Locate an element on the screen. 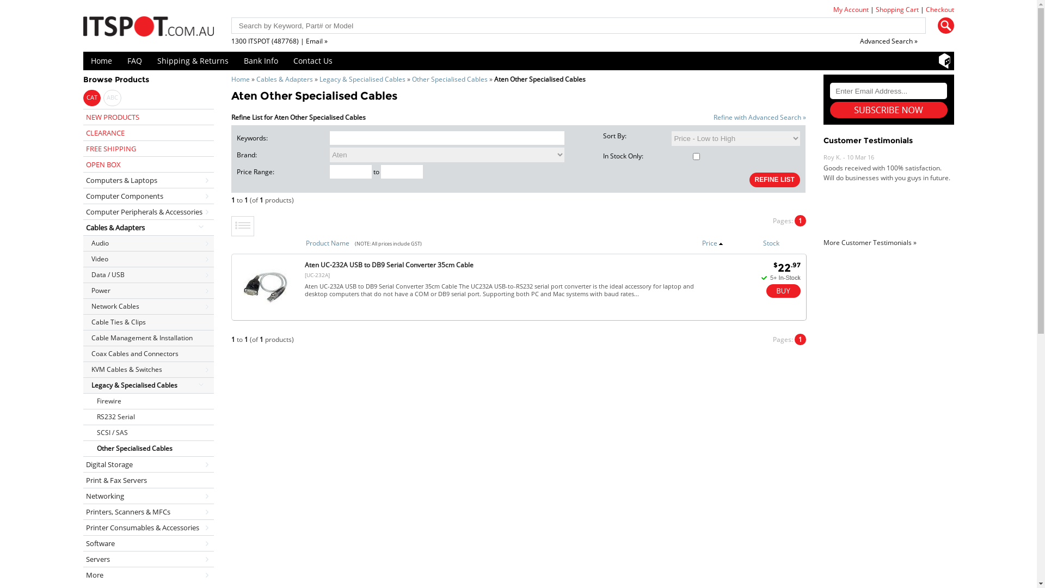  'Legacy & Specialised Cables' is located at coordinates (147, 384).